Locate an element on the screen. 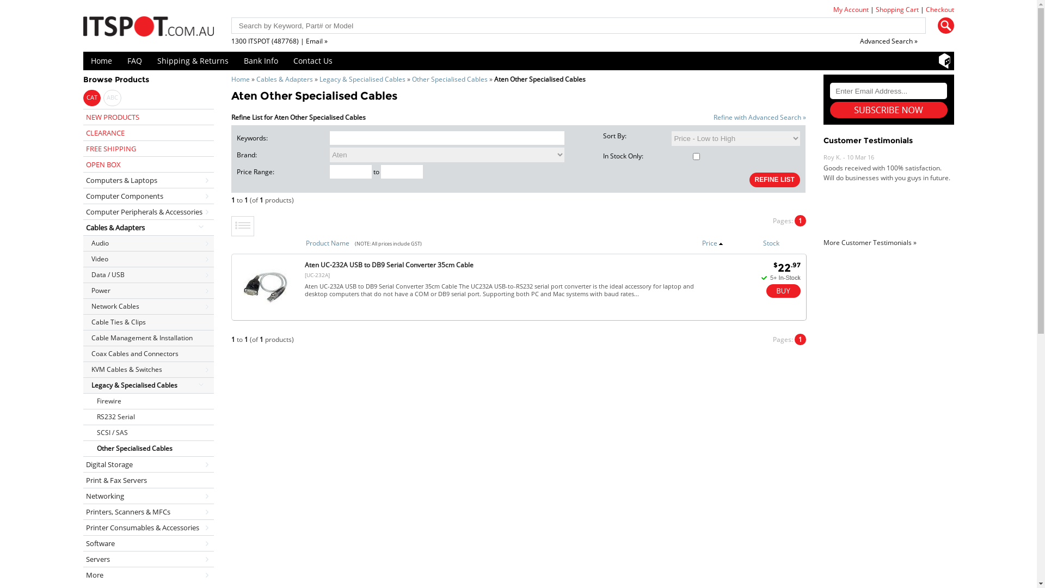  'Legacy & Specialised Cables' is located at coordinates (147, 384).